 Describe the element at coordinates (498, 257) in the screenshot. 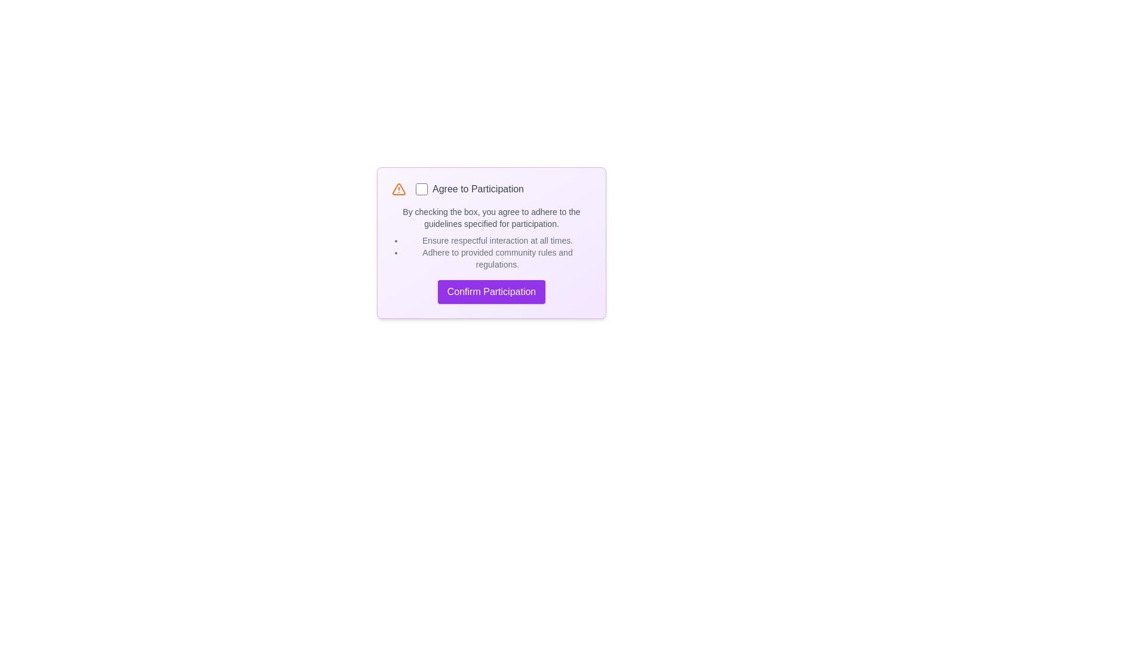

I see `the text label that communicates important rules or guidelines for participation, which is the second item in a bulleted list below the agreement checkbox` at that location.